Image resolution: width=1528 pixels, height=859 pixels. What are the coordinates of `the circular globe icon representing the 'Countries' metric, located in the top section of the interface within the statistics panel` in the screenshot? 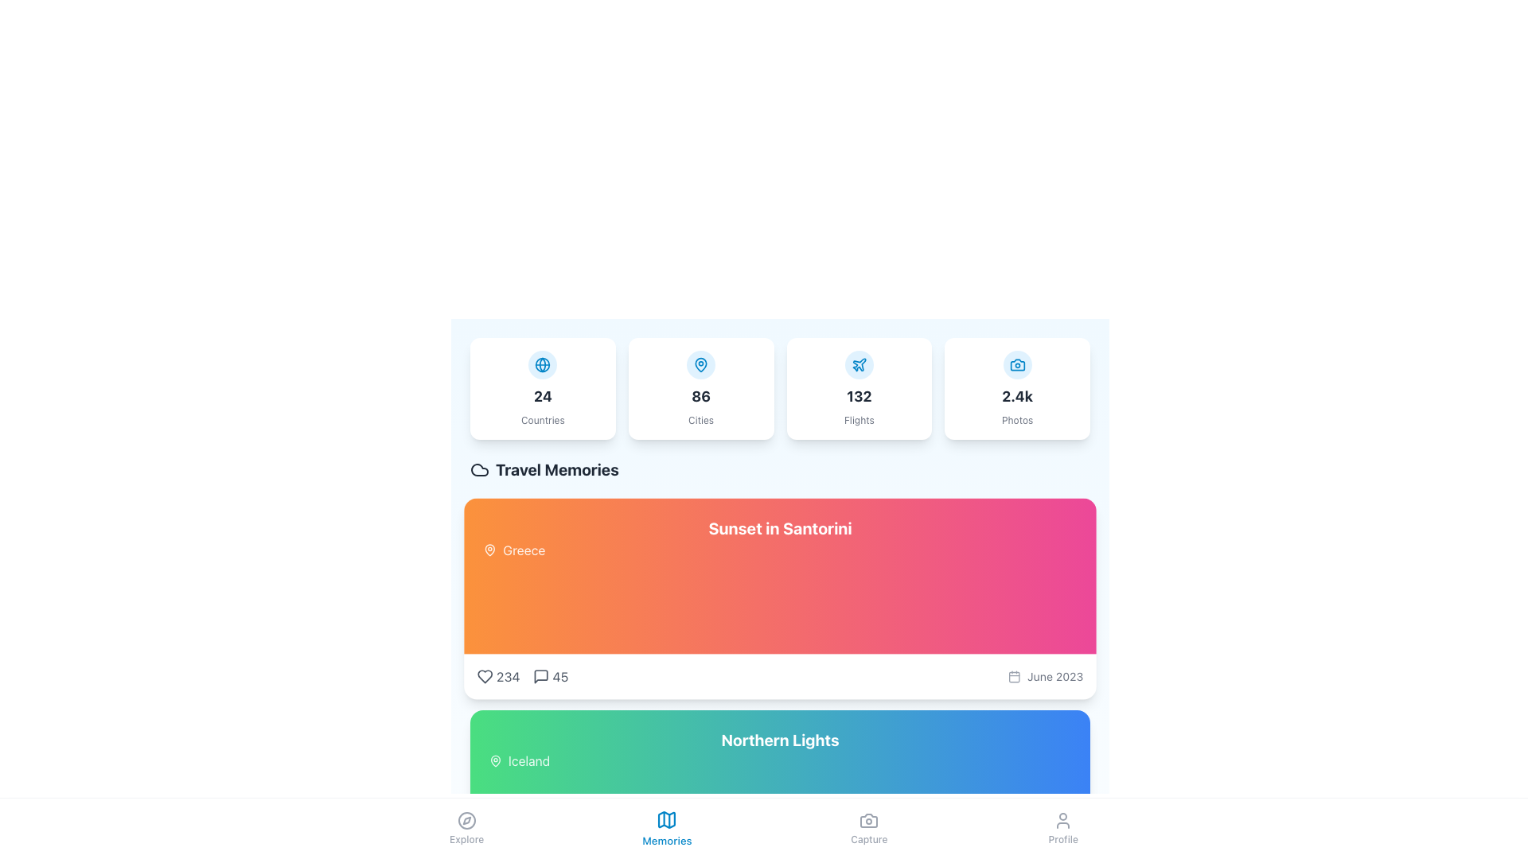 It's located at (543, 365).